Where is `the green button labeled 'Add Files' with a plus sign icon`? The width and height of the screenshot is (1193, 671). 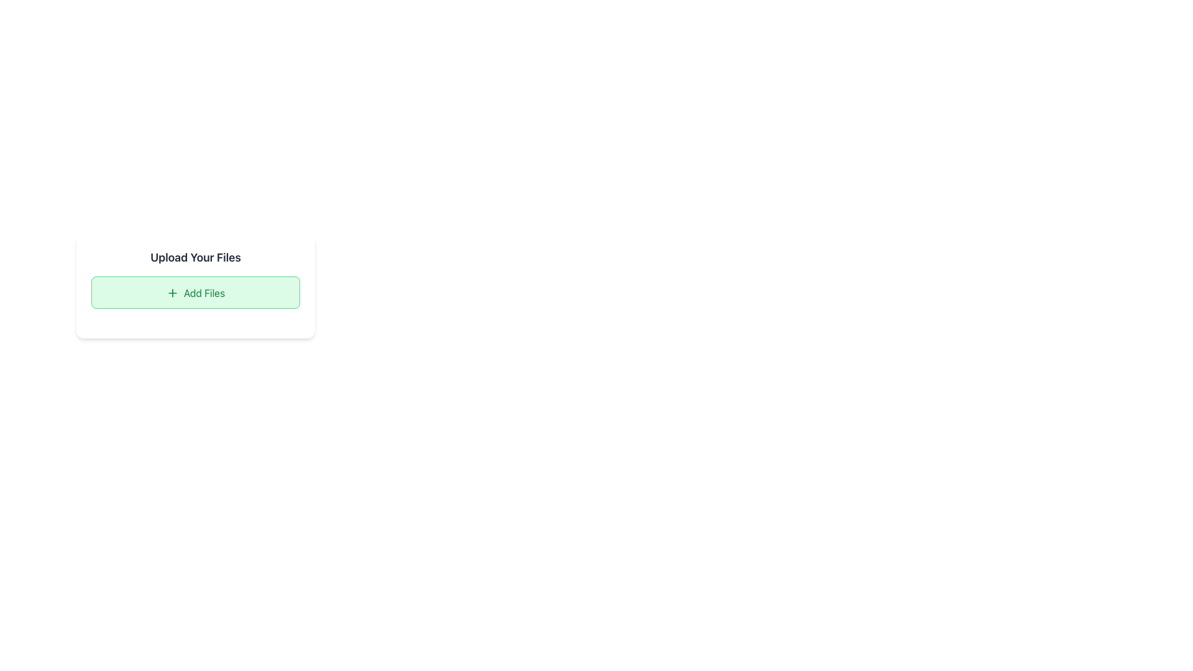 the green button labeled 'Add Files' with a plus sign icon is located at coordinates (195, 285).